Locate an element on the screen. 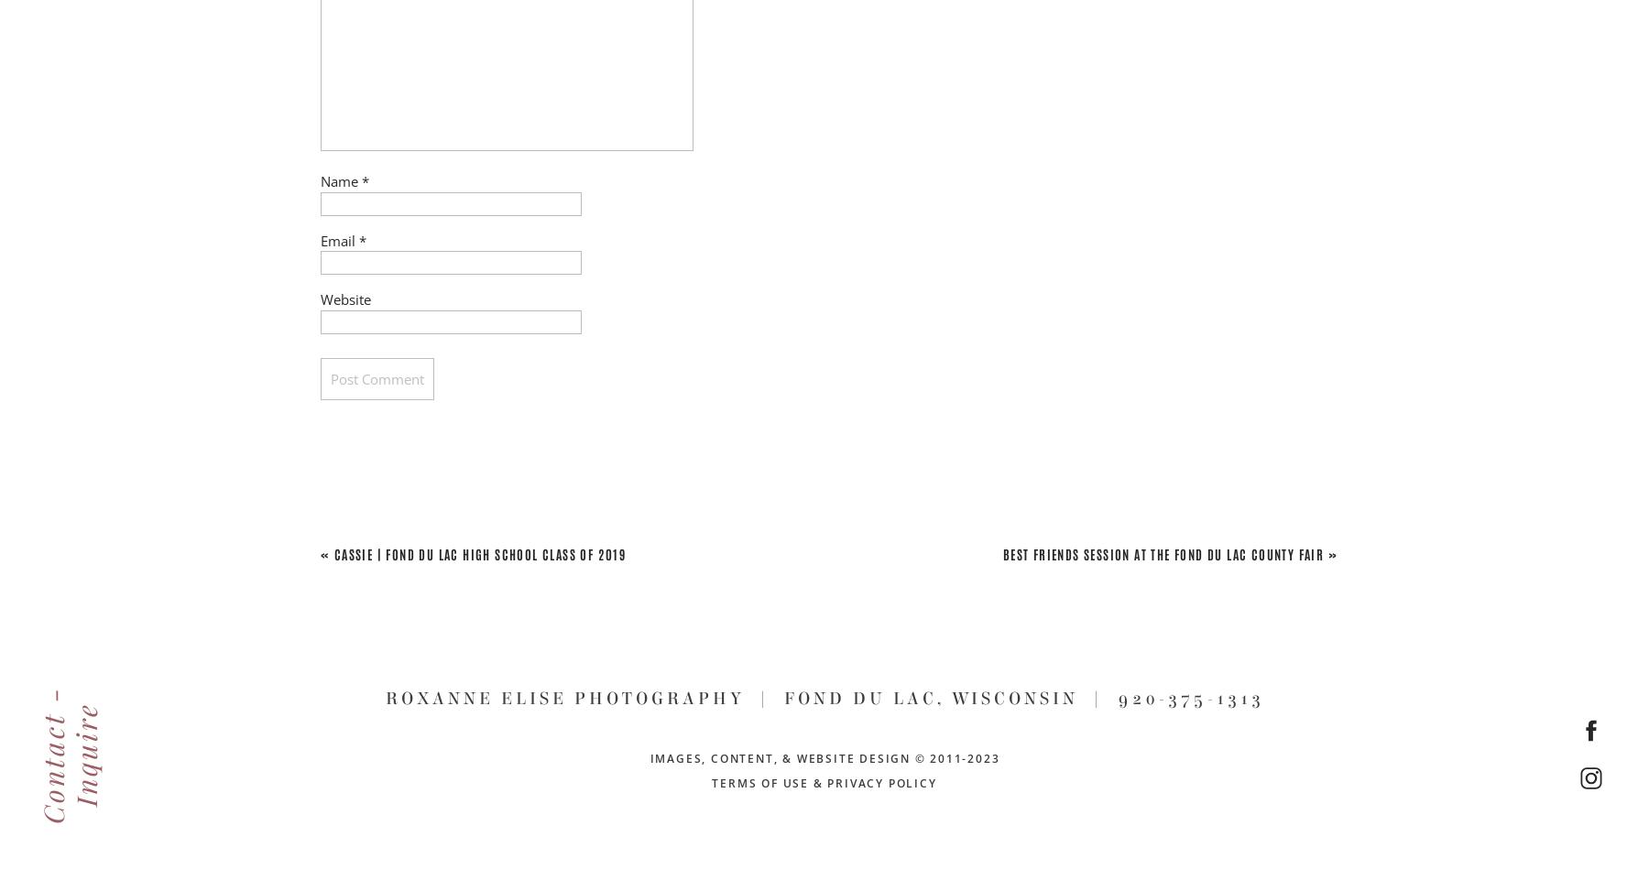  'Best Friends Session at the Fond du Lac County Fair' is located at coordinates (1163, 552).